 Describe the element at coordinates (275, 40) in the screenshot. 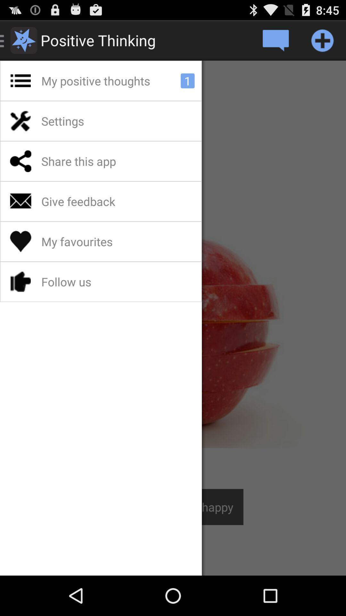

I see `open message` at that location.